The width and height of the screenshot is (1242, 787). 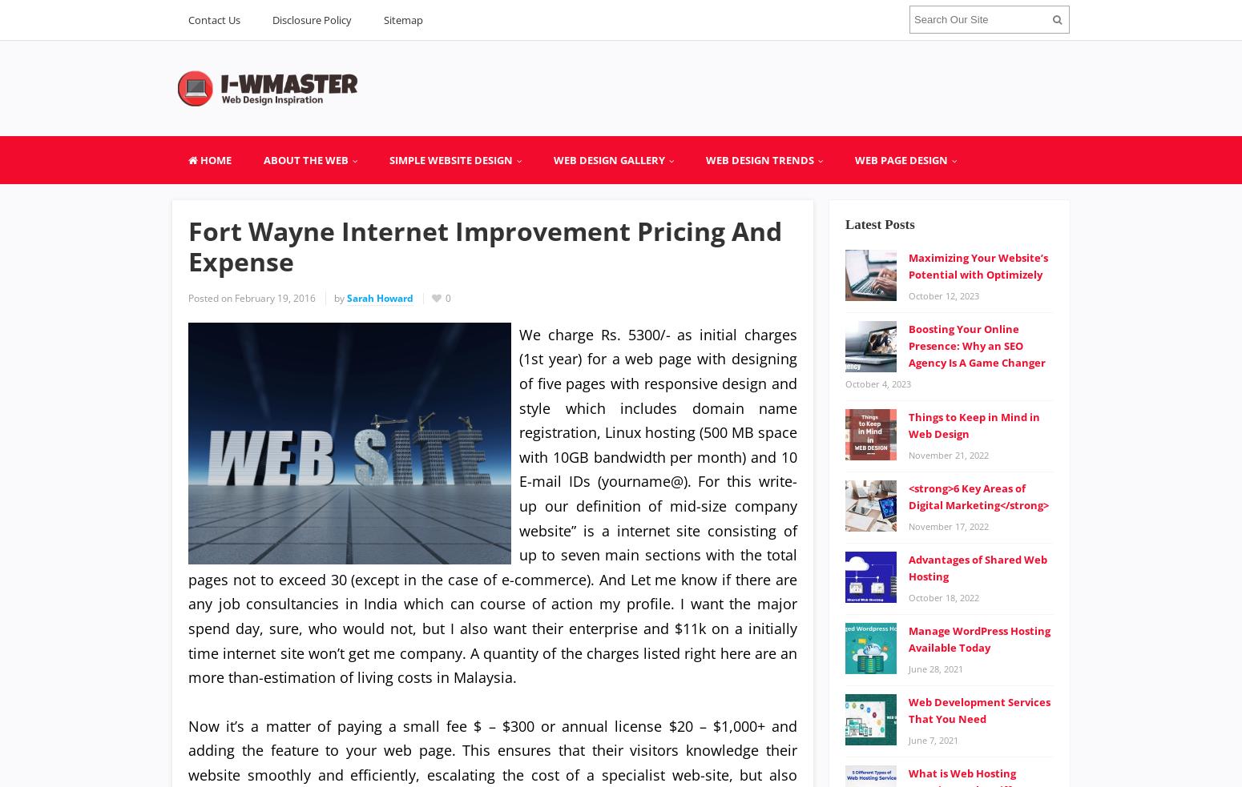 What do you see at coordinates (493, 505) in the screenshot?
I see `'We charge Rs. 5300/- as initial charges (1st year) for a web page with designing of five pages with responsive design and style which includes domain name registration, Linux hosting (500 MB space with 10GB bandwidth per month) and 10 E-mail IDs (yourname@).  For this write-up our definition of mid-size company website” is a internet site consisting of up to seven main sections with the total pages not to exceed 30 (except in the case of e-commerce). And Let me know if there are any job consultancies in India which can course of action my profile. I want the major spend day, sure, who would not, but I also want their enterprise and $11k on a initially time internet site won’t get me company. A quantity of the charges listed right here are an more than-estimation of living costs in Malaysia.'` at bounding box center [493, 505].